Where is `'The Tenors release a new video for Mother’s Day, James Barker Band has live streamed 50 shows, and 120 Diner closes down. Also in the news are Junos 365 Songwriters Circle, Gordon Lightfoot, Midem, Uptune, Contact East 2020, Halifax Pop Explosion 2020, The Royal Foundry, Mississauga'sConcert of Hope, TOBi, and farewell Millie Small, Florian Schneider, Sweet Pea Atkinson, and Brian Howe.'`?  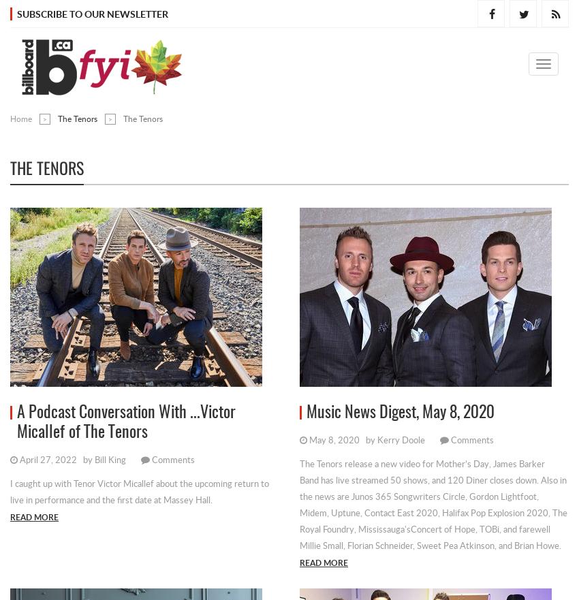
'The Tenors release a new video for Mother’s Day, James Barker Band has live streamed 50 shows, and 120 Diner closes down. Also in the news are Junos 365 Songwriters Circle, Gordon Lightfoot, Midem, Uptune, Contact East 2020, Halifax Pop Explosion 2020, The Royal Foundry, Mississauga'sConcert of Hope, TOBi, and farewell Millie Small, Florian Schneider, Sweet Pea Atkinson, and Brian Howe.' is located at coordinates (433, 505).